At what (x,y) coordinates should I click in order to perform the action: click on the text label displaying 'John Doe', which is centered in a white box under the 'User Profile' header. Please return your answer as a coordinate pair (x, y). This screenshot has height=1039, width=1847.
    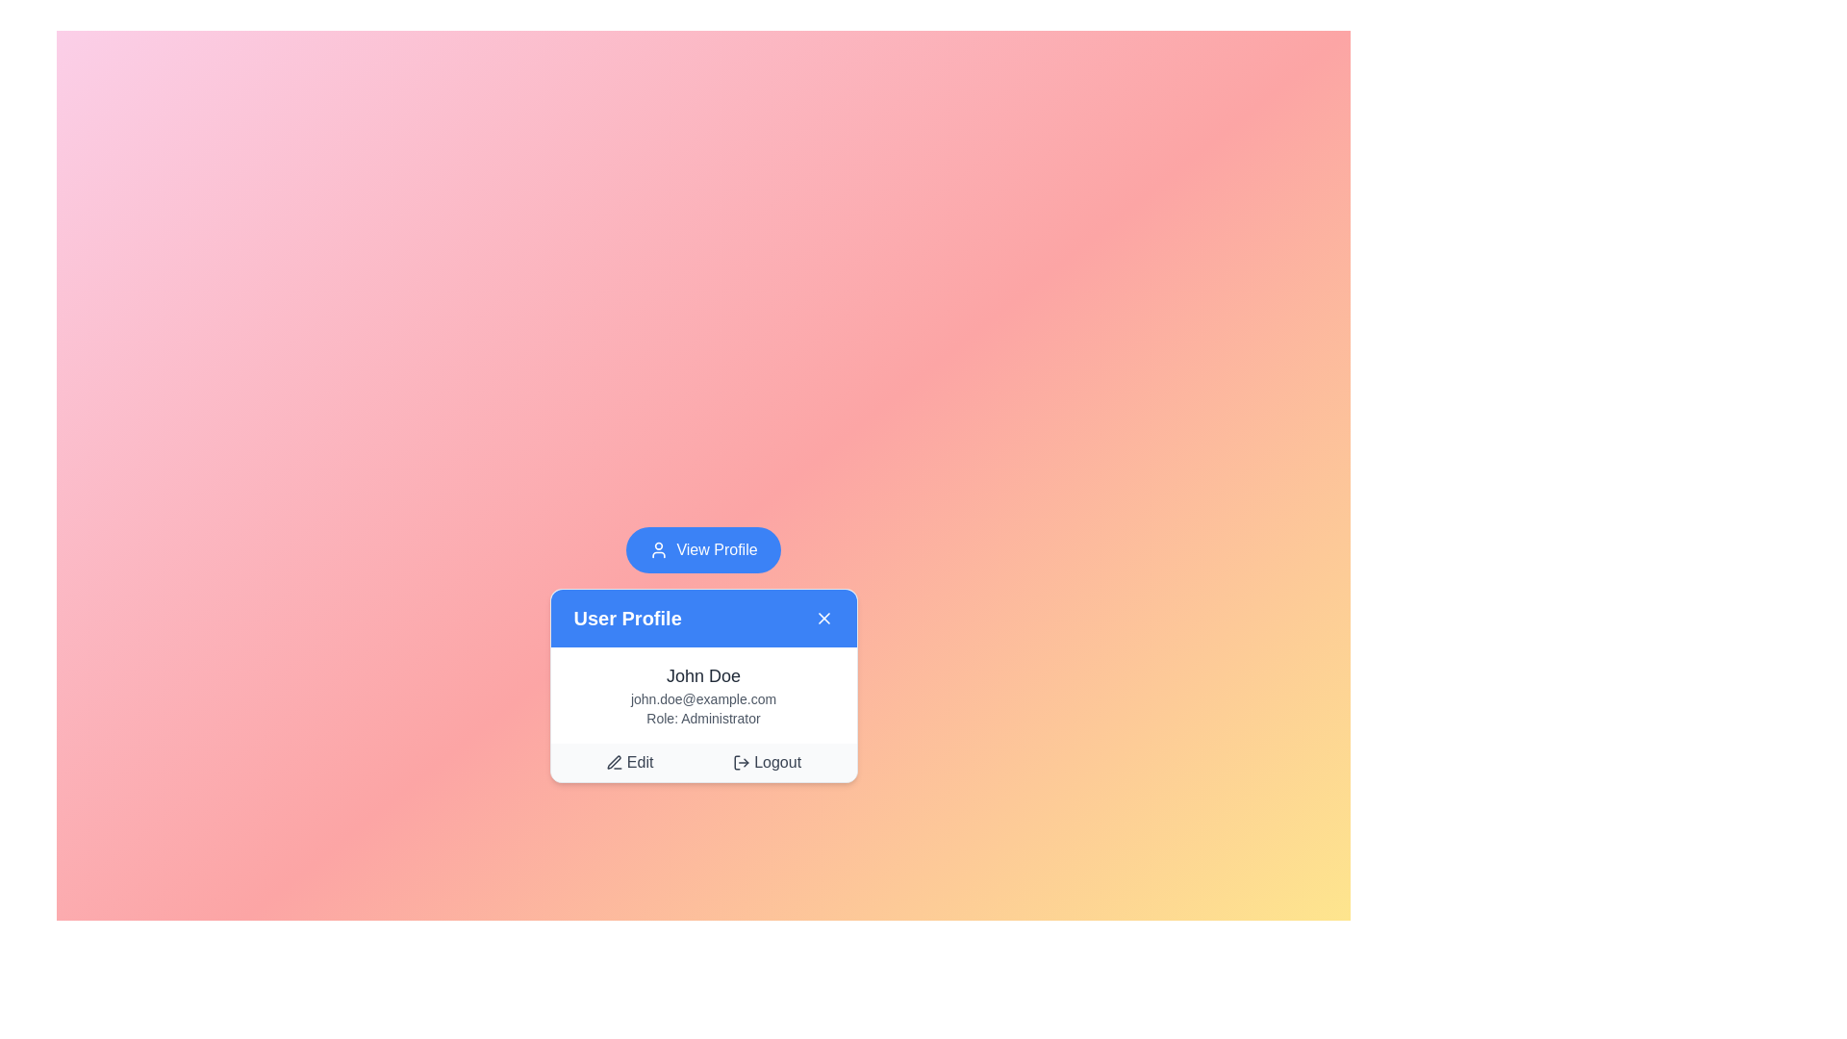
    Looking at the image, I should click on (702, 674).